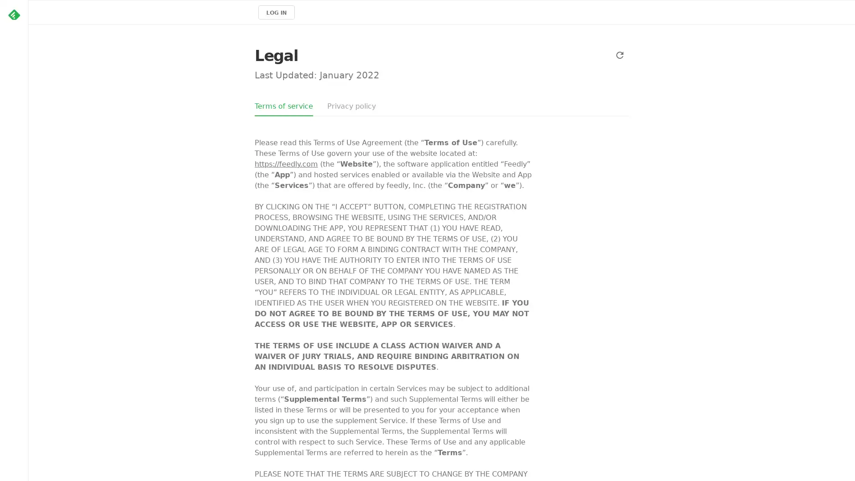 This screenshot has width=855, height=481. I want to click on Home, so click(13, 15).